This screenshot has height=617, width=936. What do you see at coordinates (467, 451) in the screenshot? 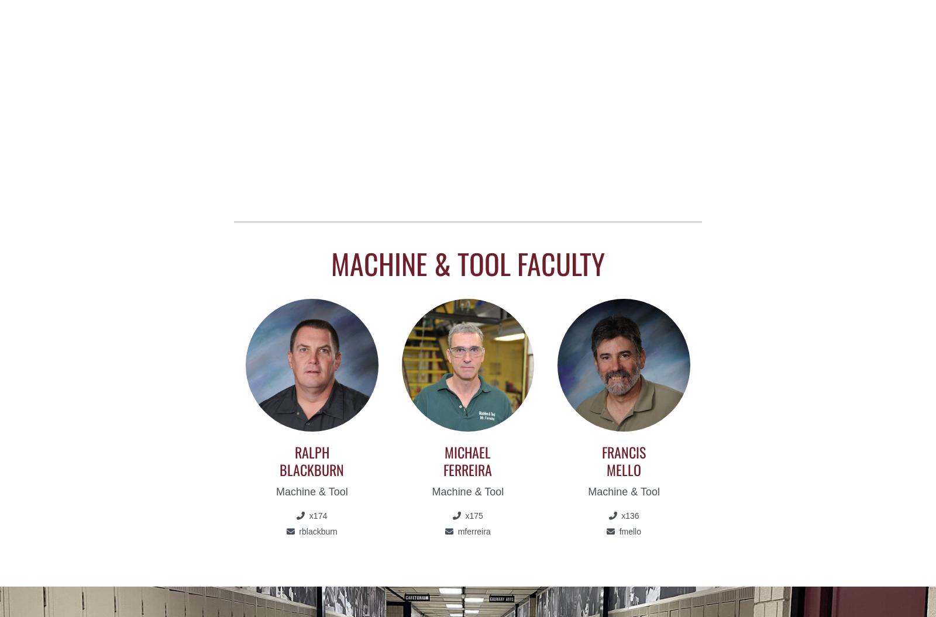
I see `'Michael'` at bounding box center [467, 451].